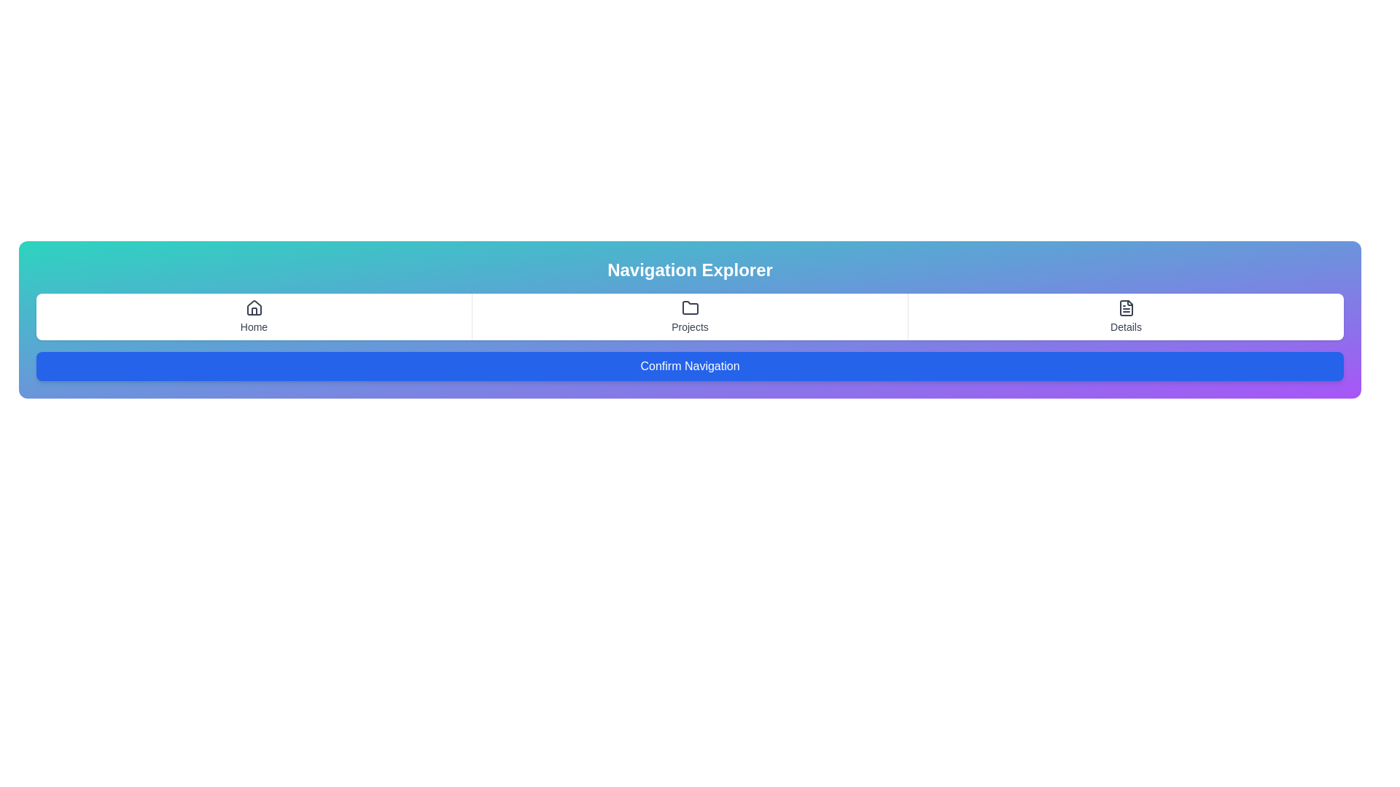 The height and width of the screenshot is (787, 1400). I want to click on the graphical icon representing a document or file in the 'Details' section of the navigation interface, so click(1125, 308).